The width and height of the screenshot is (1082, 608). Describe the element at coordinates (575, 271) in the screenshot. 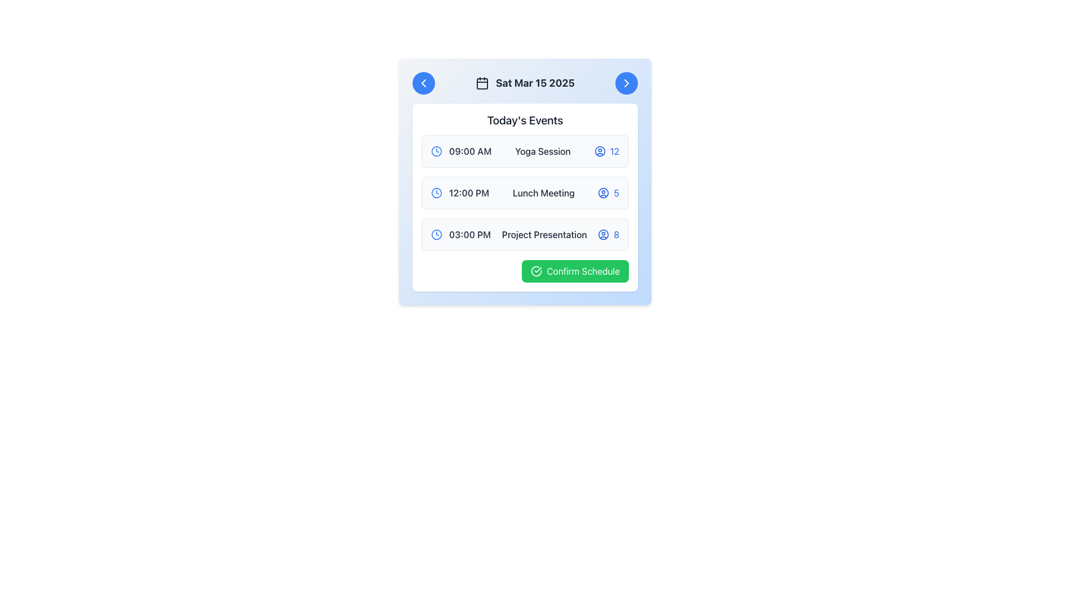

I see `the green 'Confirm Schedule' button located at the bottom-right of the event card to confirm the schedule` at that location.